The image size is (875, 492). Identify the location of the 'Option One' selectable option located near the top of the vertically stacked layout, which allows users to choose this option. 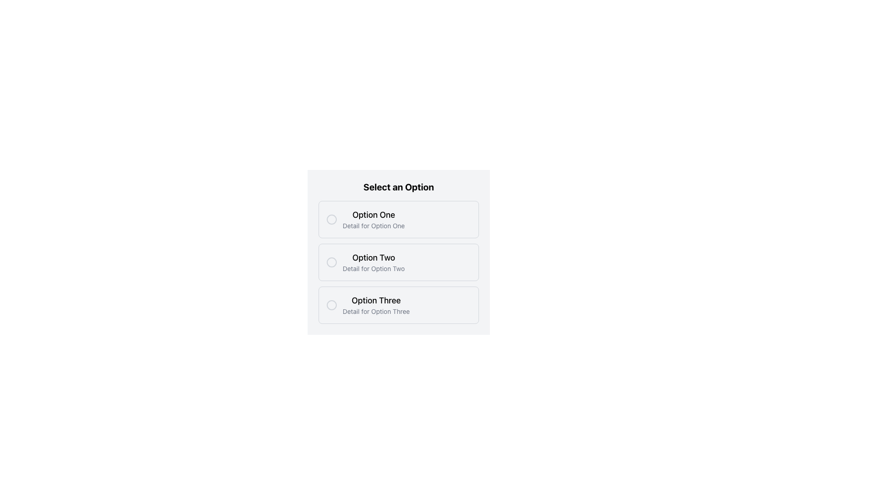
(398, 220).